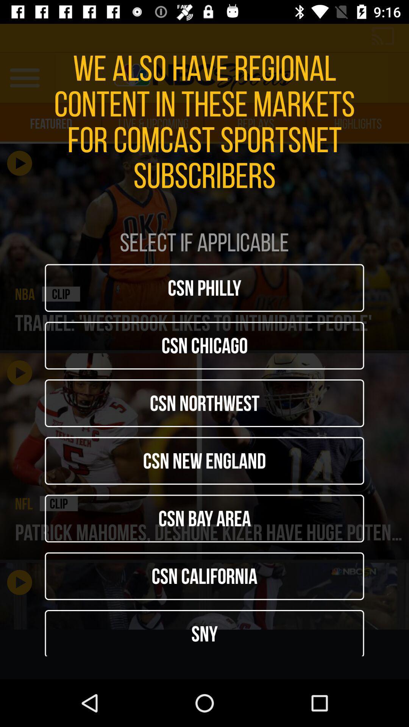  I want to click on csn new england icon, so click(204, 460).